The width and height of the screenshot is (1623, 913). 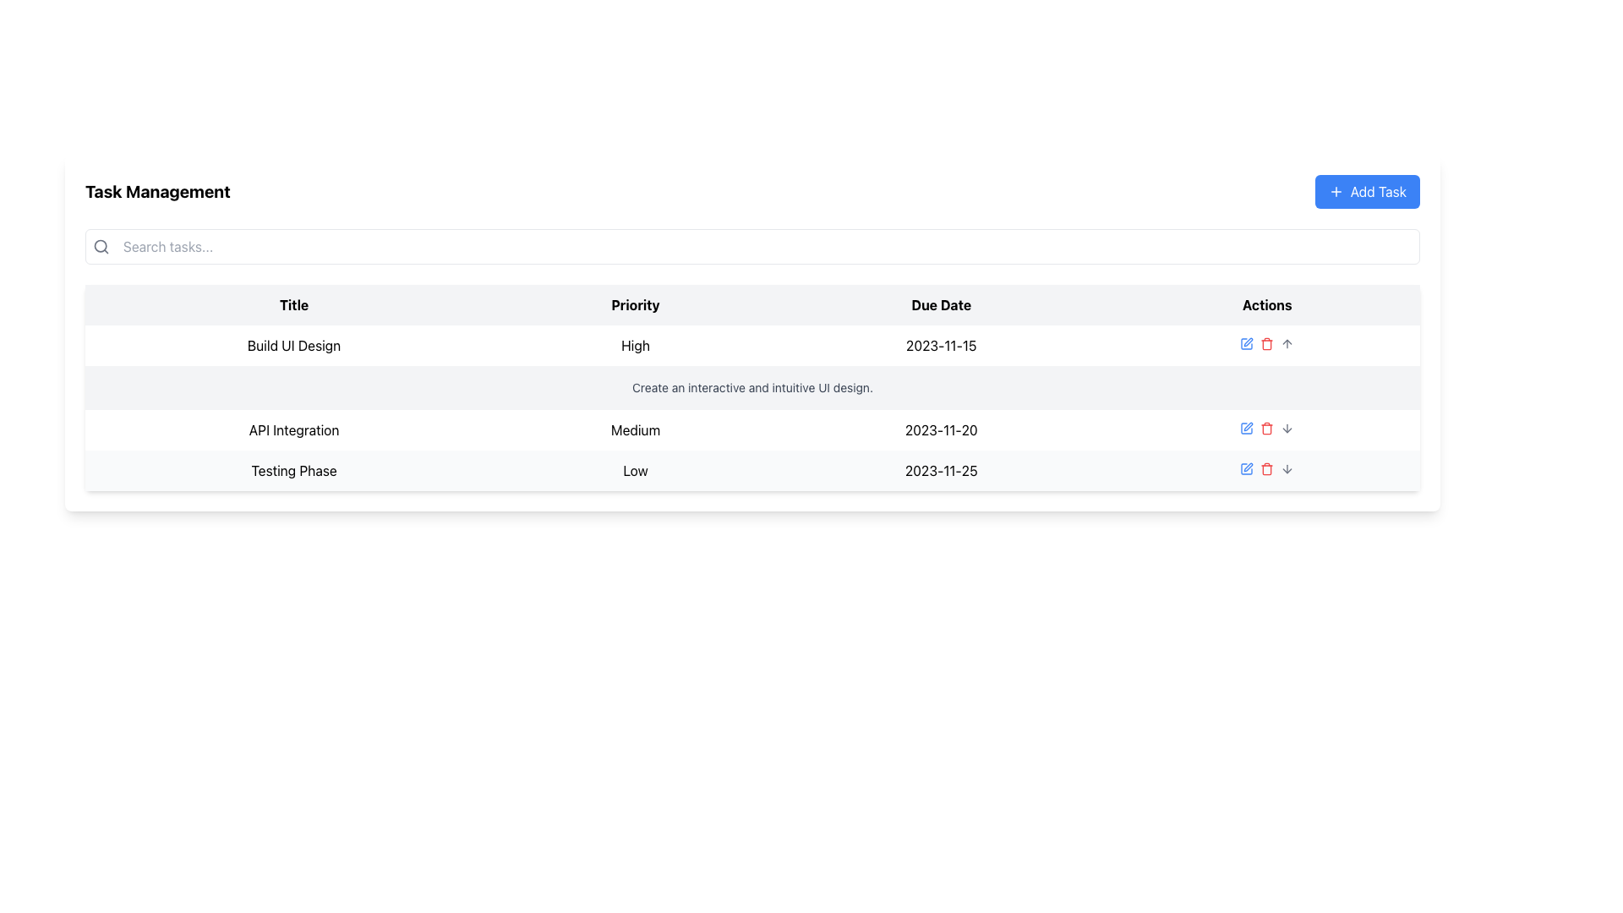 I want to click on the third action button in the 'Actions' column for the task titled 'API Integration' to promote the task, so click(x=1287, y=343).